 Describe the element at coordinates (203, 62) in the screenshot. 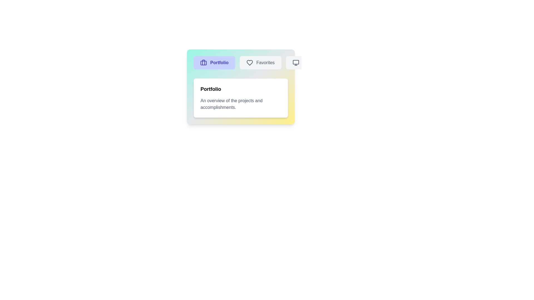

I see `the icon next to the tab labeled Portfolio` at that location.